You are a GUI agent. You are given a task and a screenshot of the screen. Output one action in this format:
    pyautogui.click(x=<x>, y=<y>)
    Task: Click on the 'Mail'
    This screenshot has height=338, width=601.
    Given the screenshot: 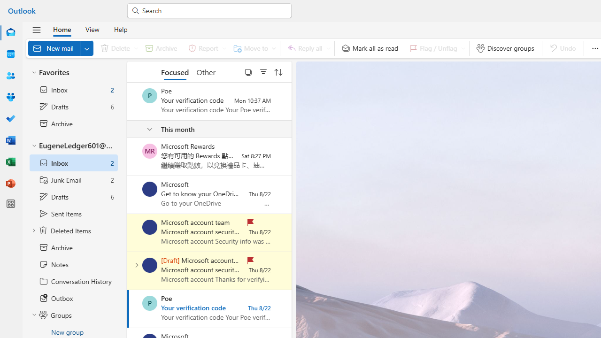 What is the action you would take?
    pyautogui.click(x=11, y=32)
    